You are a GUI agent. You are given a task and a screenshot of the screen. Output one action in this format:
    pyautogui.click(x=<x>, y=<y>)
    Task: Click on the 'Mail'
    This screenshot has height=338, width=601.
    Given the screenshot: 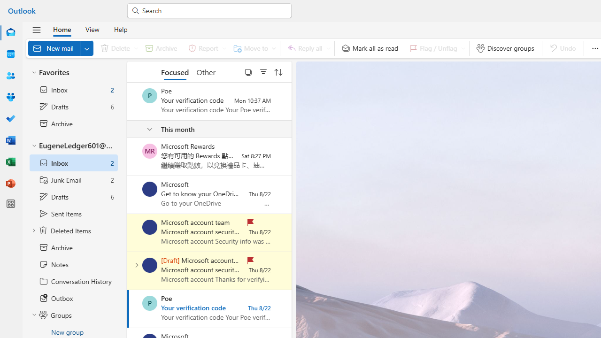 What is the action you would take?
    pyautogui.click(x=11, y=32)
    